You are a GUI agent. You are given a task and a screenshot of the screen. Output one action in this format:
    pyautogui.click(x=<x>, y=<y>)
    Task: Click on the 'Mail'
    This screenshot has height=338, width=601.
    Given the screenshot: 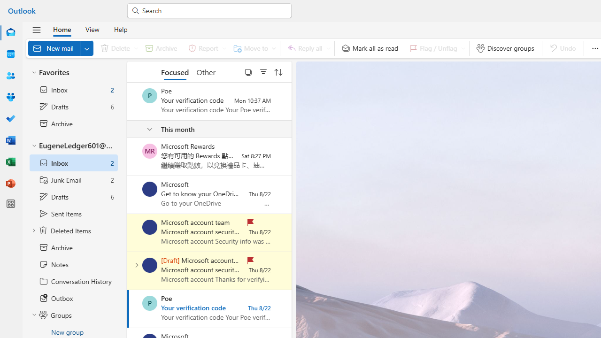 What is the action you would take?
    pyautogui.click(x=11, y=32)
    